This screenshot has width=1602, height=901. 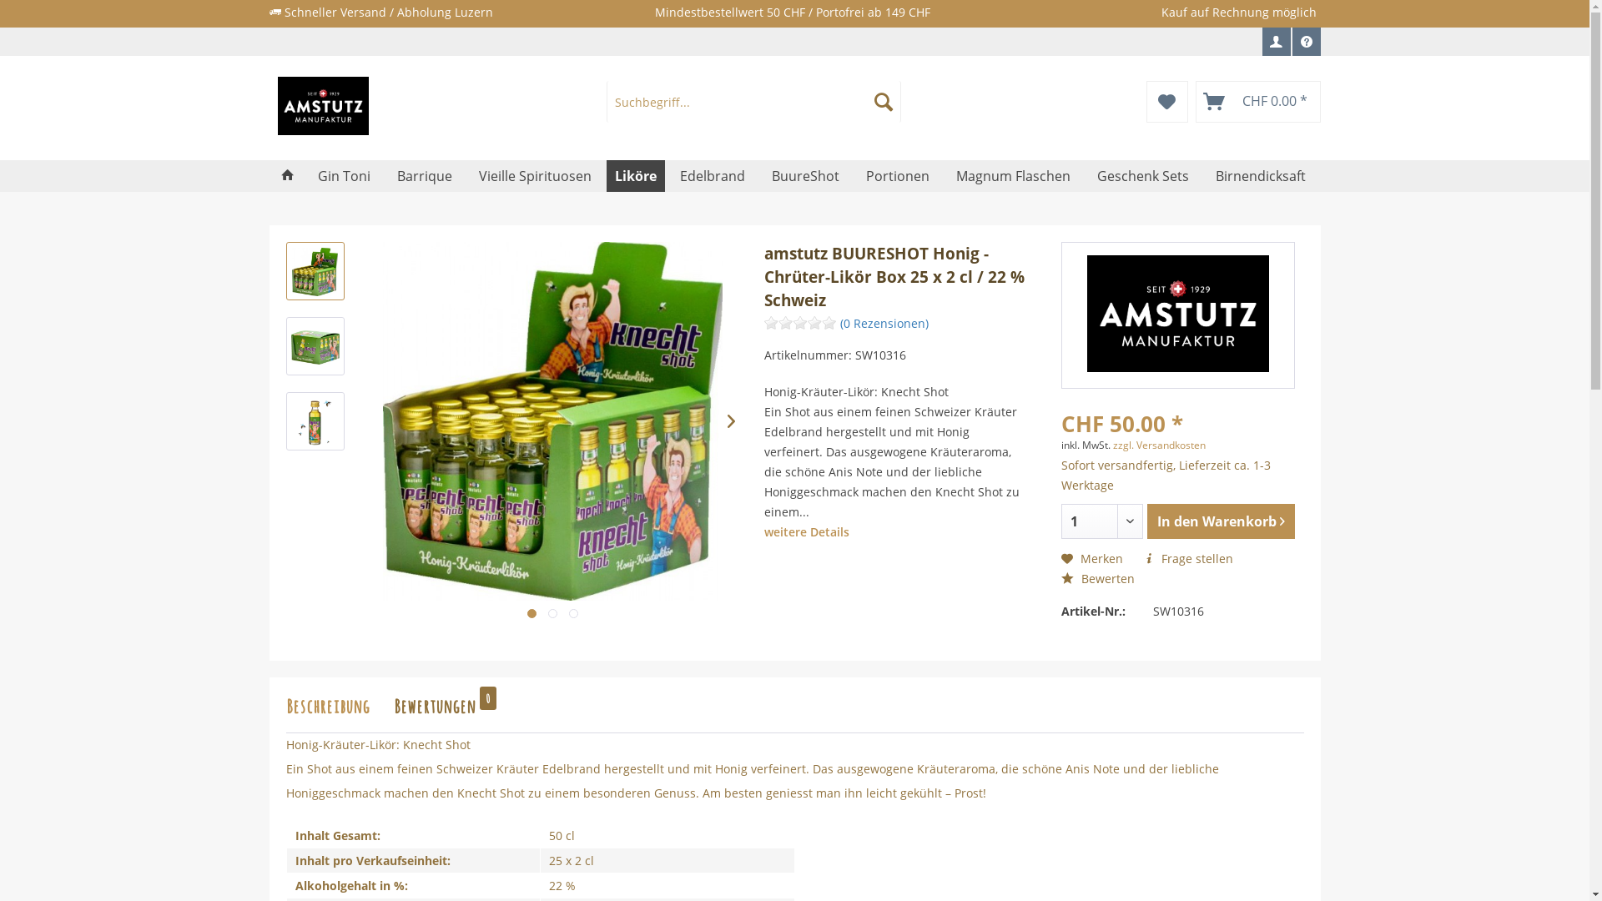 What do you see at coordinates (1257, 102) in the screenshot?
I see `'CHF 0.00 *'` at bounding box center [1257, 102].